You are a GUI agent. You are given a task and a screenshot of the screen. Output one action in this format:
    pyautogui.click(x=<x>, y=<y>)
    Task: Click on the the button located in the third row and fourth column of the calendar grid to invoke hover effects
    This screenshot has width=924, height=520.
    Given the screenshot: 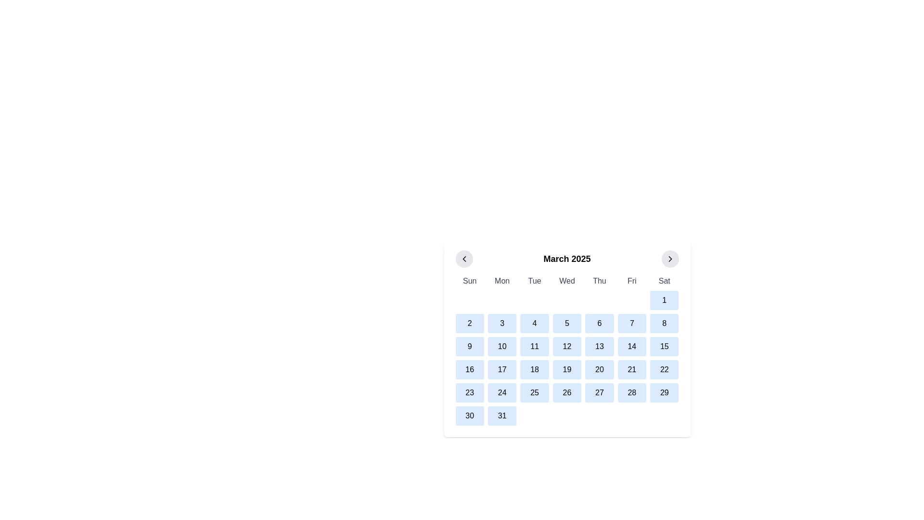 What is the action you would take?
    pyautogui.click(x=567, y=347)
    